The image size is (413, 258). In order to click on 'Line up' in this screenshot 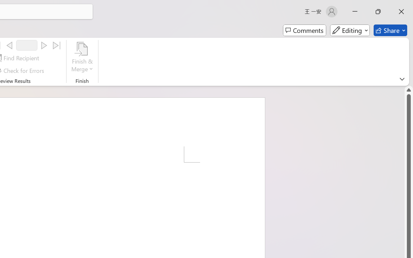, I will do `click(408, 90)`.